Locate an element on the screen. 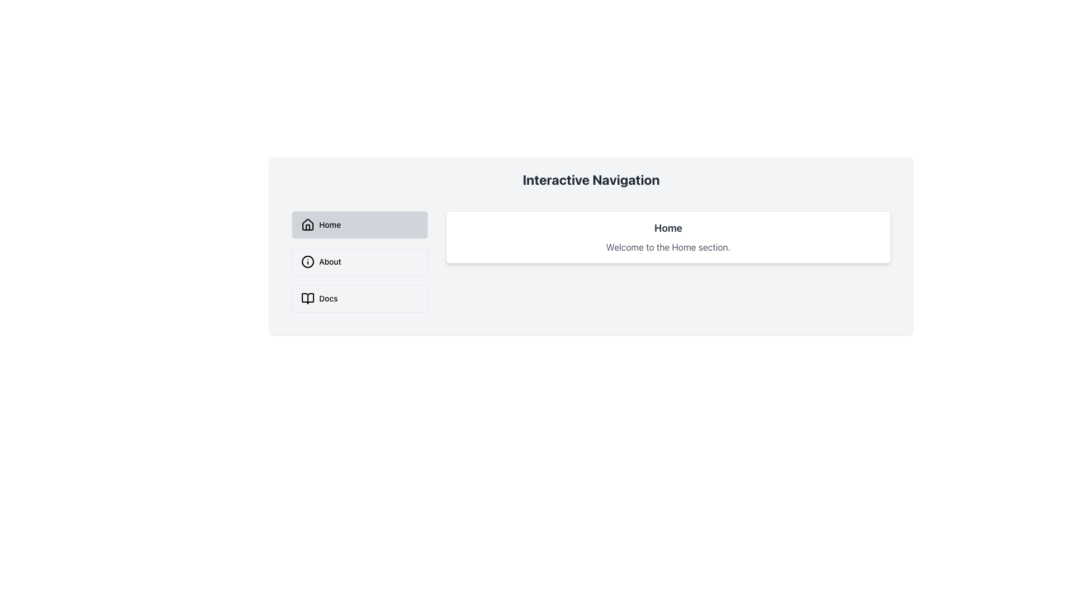 The width and height of the screenshot is (1073, 603). the header or title text element, which serves as the primary indicator of the surrounding content's theme, located at the top-center of the interface is located at coordinates (590, 179).